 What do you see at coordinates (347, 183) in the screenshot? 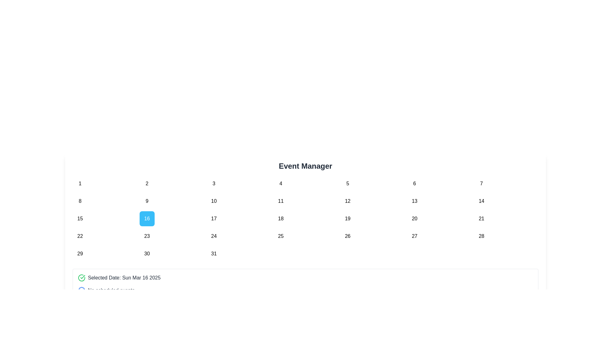
I see `the button displaying the number '5'` at bounding box center [347, 183].